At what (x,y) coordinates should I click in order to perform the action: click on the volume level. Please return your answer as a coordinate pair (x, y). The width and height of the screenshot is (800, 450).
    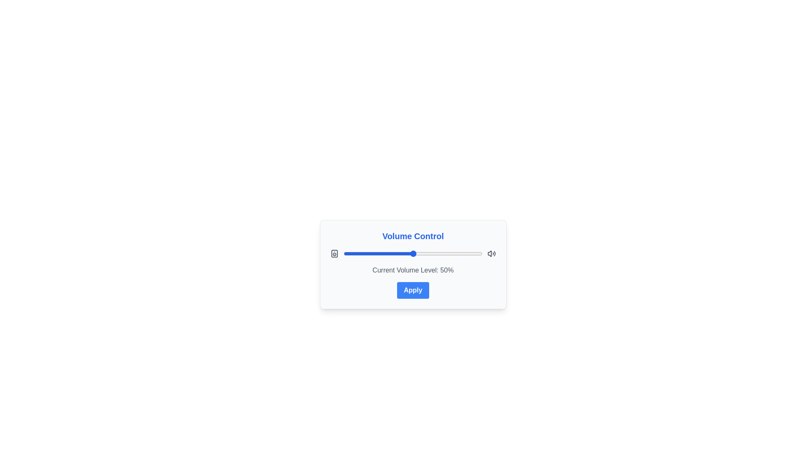
    Looking at the image, I should click on (352, 253).